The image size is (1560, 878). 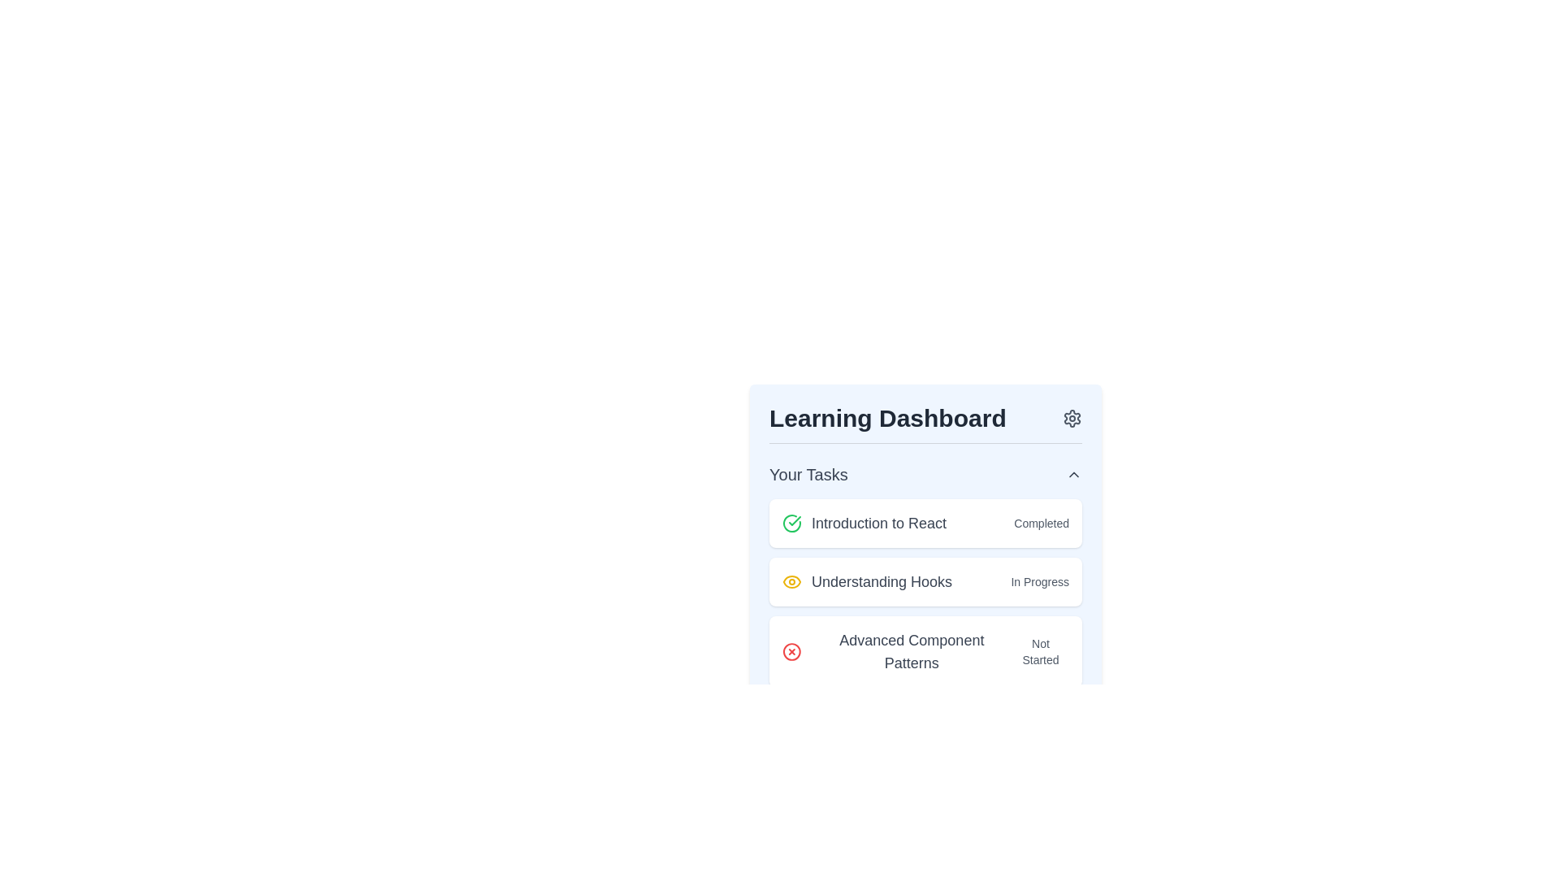 What do you see at coordinates (864, 524) in the screenshot?
I see `text label that says 'Introduction to React', which is styled in dark gray and indicates completion beside a green checkmark icon` at bounding box center [864, 524].